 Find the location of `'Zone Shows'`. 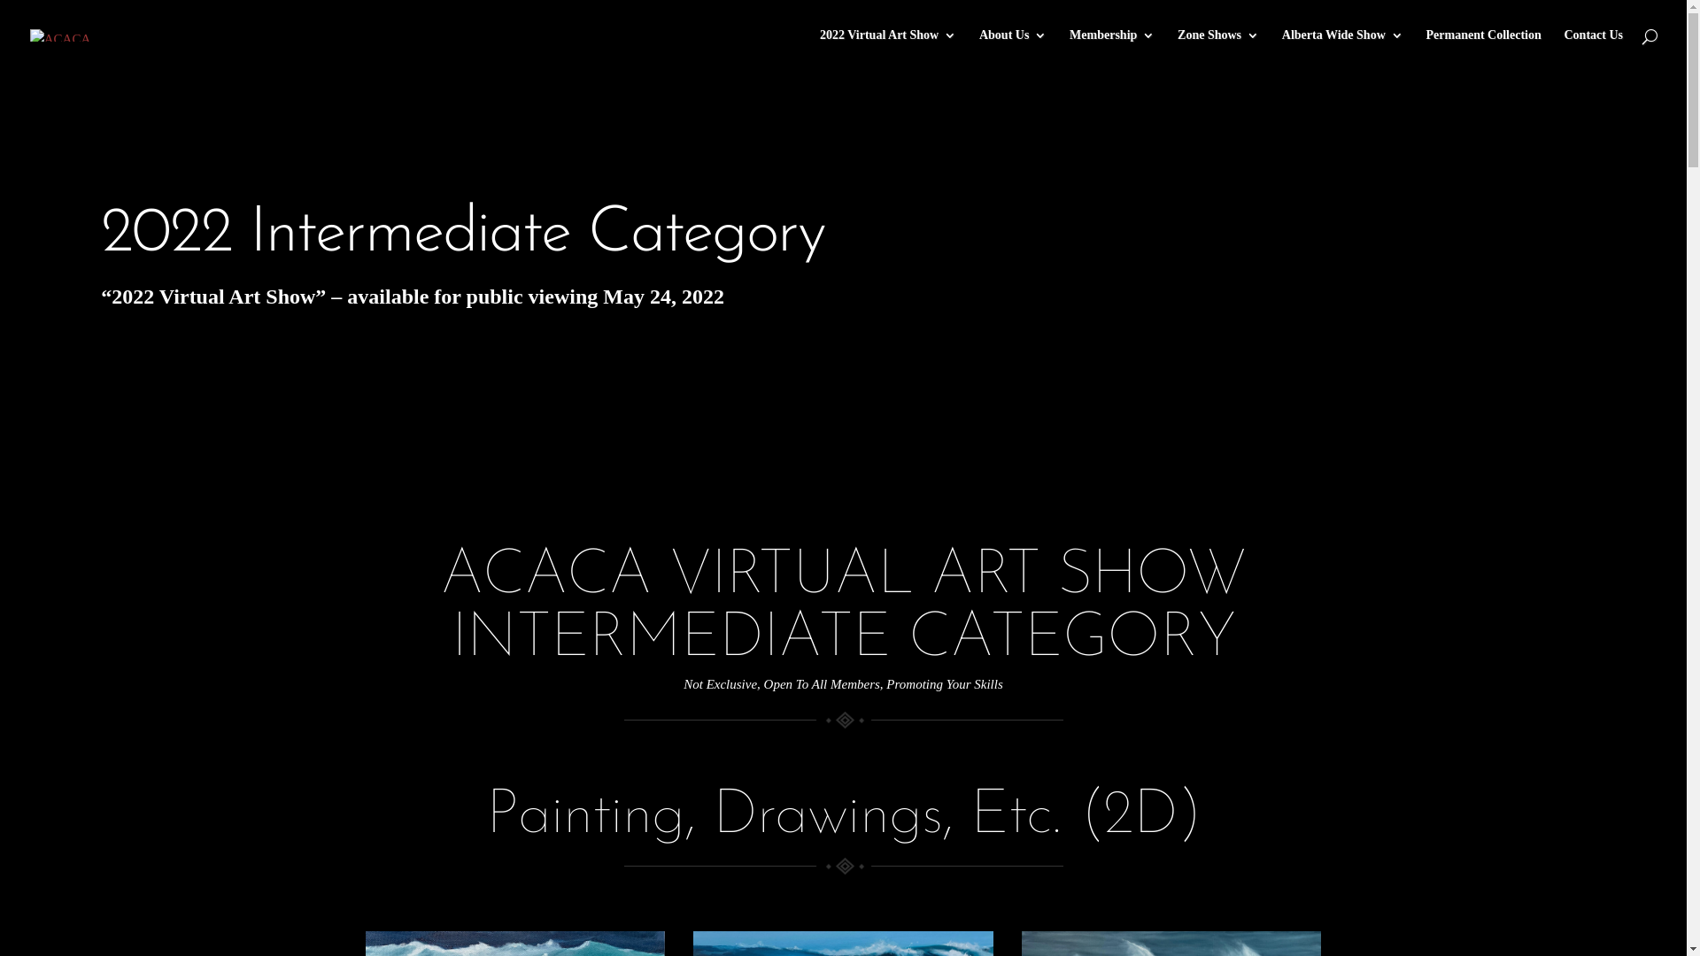

'Zone Shows' is located at coordinates (1217, 49).